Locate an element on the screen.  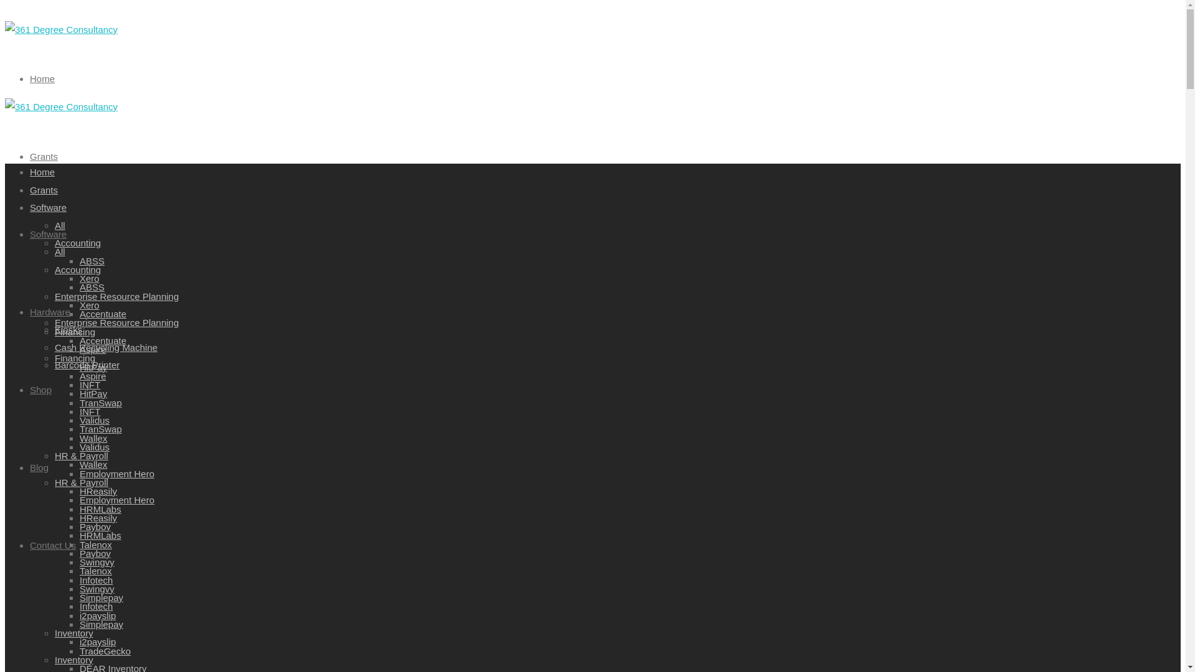
'Hardware' is located at coordinates (30, 310).